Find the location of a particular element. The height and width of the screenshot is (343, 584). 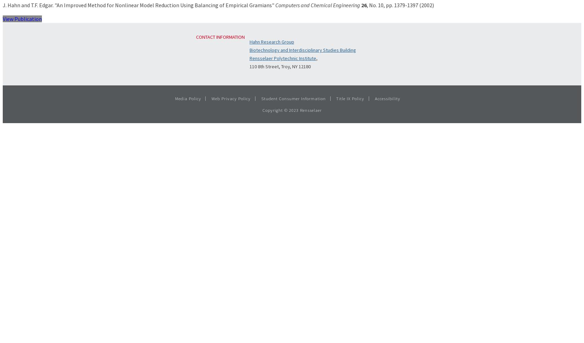

', No. 10, pp. 1379-1397 (2002)' is located at coordinates (400, 5).